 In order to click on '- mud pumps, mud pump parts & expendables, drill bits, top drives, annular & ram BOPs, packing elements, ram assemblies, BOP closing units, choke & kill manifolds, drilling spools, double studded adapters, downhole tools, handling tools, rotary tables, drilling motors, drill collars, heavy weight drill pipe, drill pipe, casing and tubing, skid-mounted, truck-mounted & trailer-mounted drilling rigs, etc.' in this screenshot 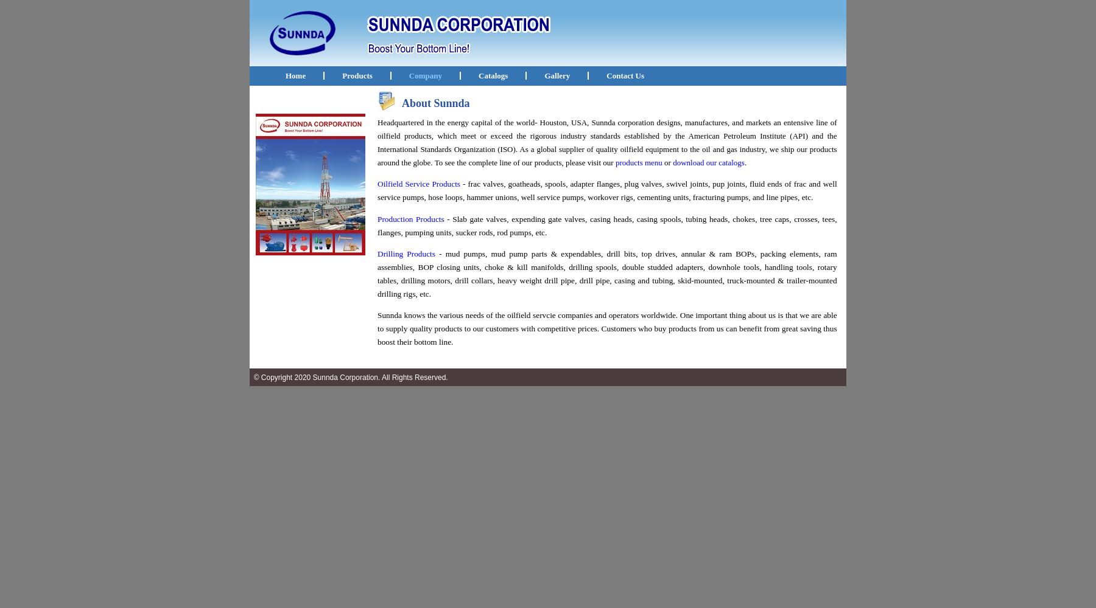, I will do `click(377, 272)`.